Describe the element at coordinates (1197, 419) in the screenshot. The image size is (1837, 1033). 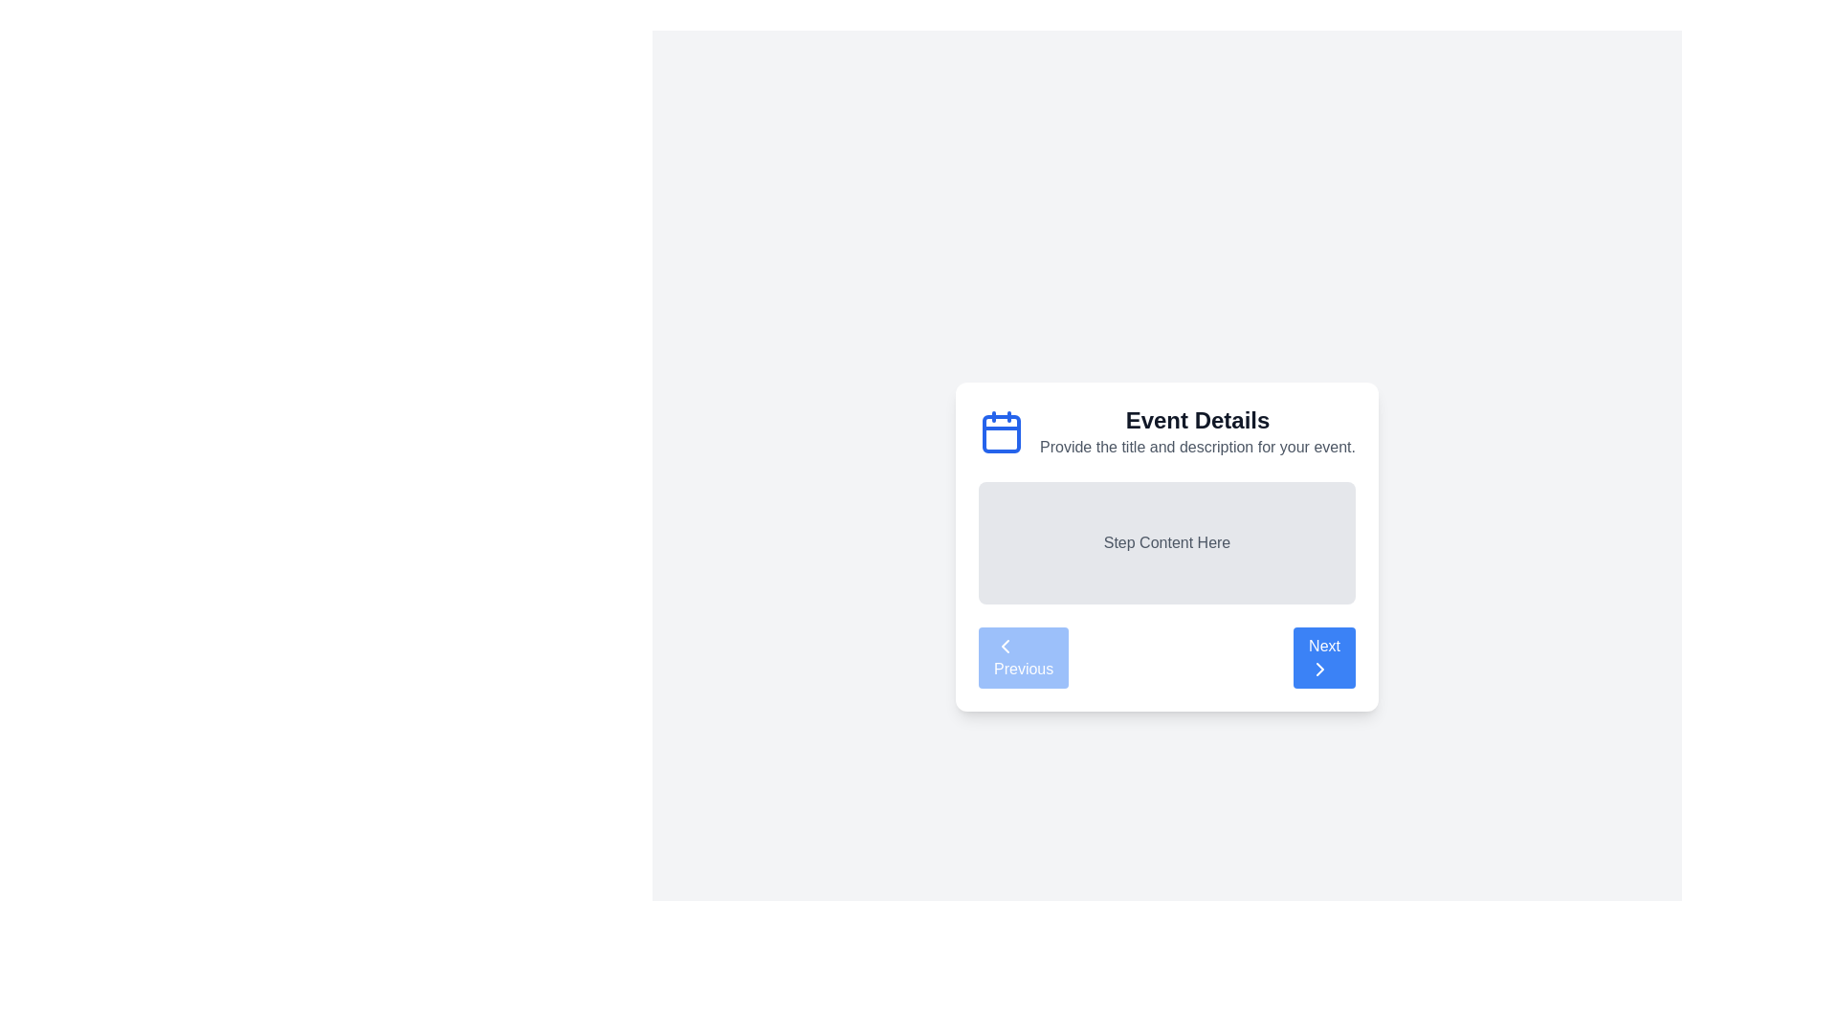
I see `the 'Event Details' text label, which is a bold, large, dark gray text positioned prominently within the modal` at that location.